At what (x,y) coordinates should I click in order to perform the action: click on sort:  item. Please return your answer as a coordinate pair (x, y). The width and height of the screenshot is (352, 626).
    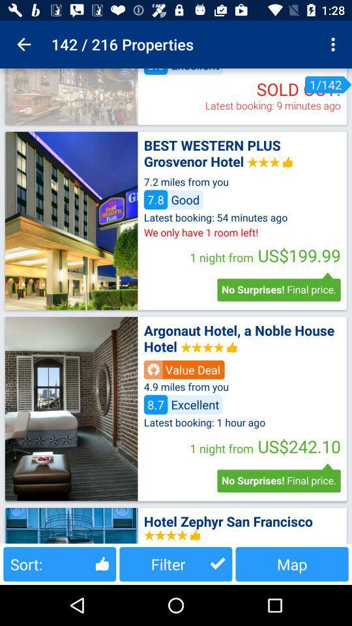
    Looking at the image, I should click on (59, 563).